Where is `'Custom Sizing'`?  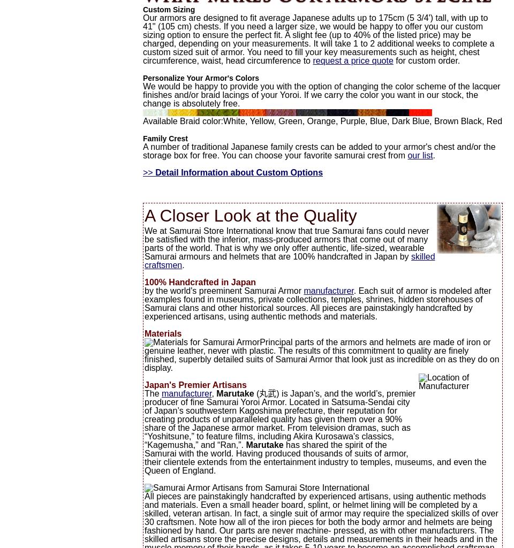 'Custom Sizing' is located at coordinates (169, 10).